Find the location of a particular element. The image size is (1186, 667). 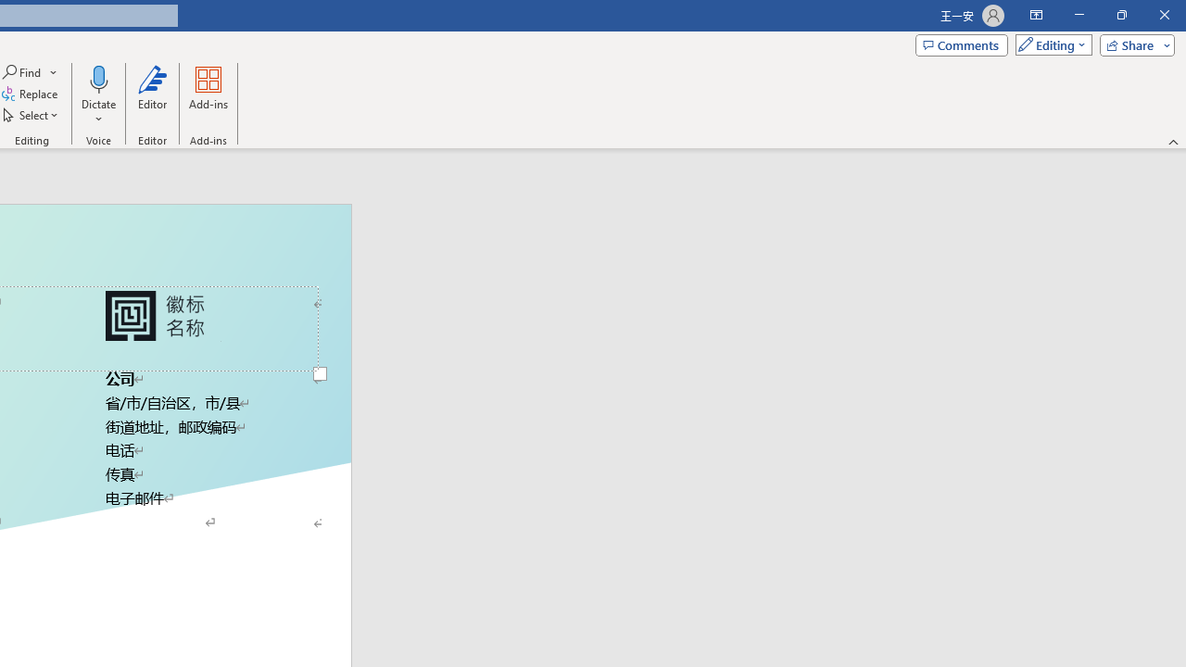

'Mode' is located at coordinates (1050, 44).